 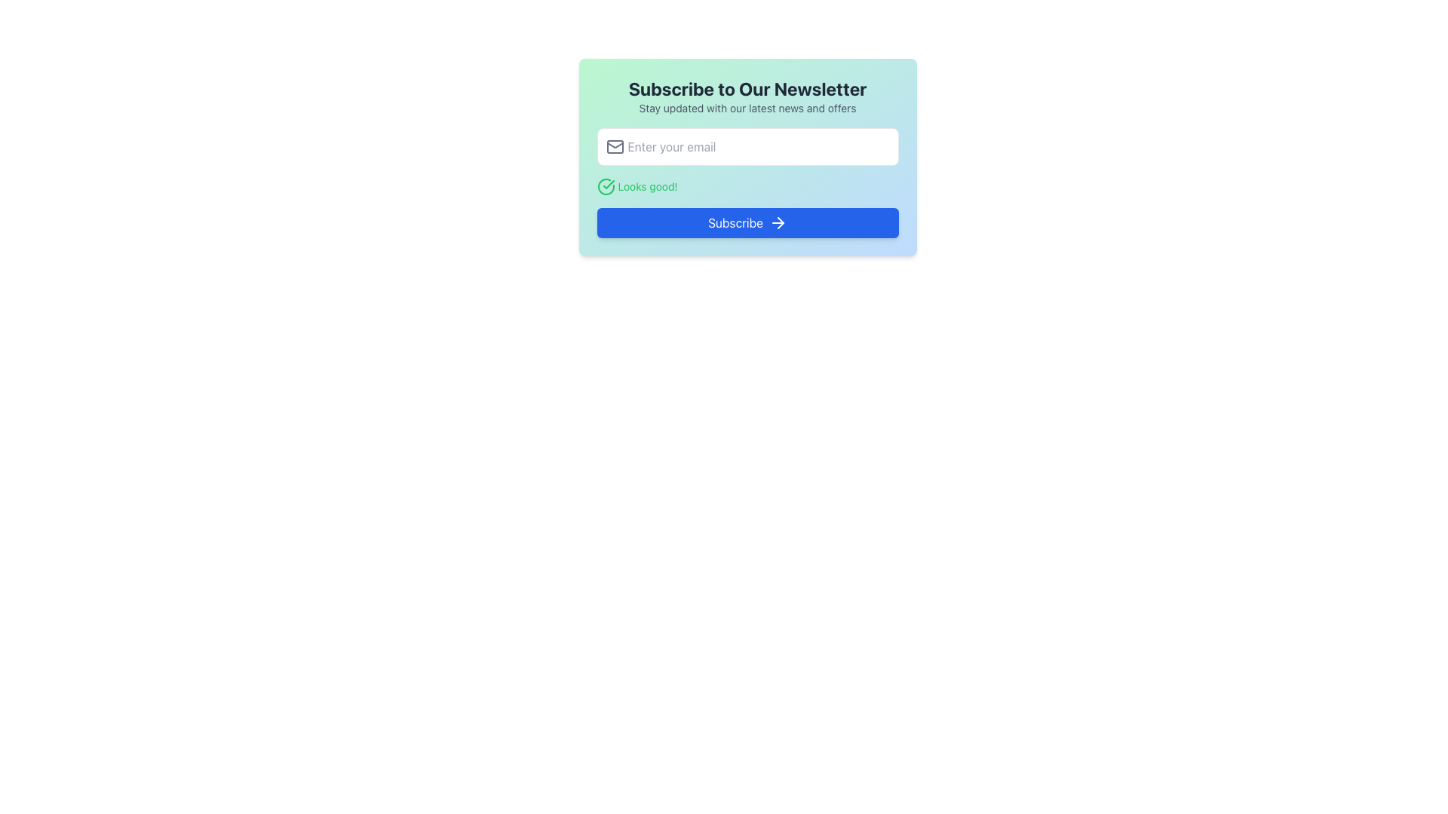 What do you see at coordinates (606, 185) in the screenshot?
I see `the circular green outline icon with a check mark inside it, located next to the 'Looks good!' text label below the email input field in the subscription form` at bounding box center [606, 185].